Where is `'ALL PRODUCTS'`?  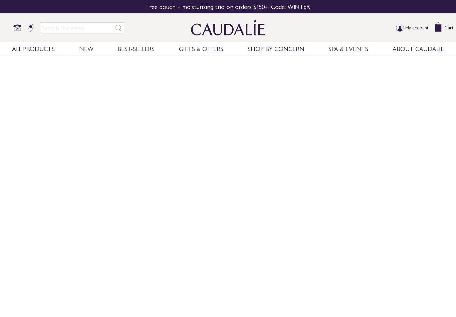 'ALL PRODUCTS' is located at coordinates (33, 48).